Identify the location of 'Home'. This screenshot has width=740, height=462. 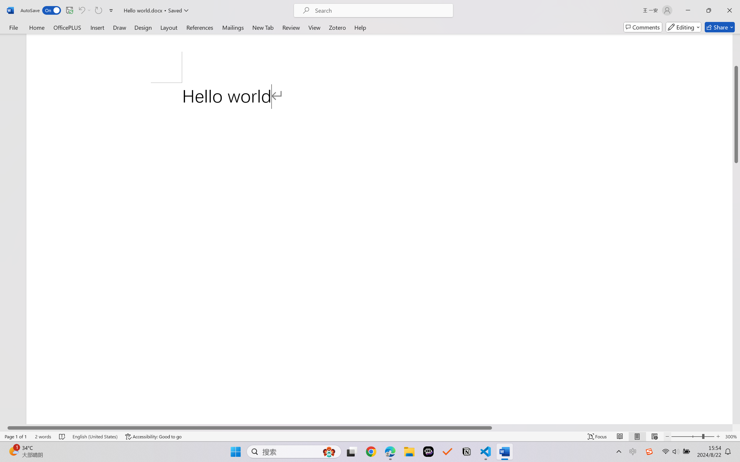
(37, 27).